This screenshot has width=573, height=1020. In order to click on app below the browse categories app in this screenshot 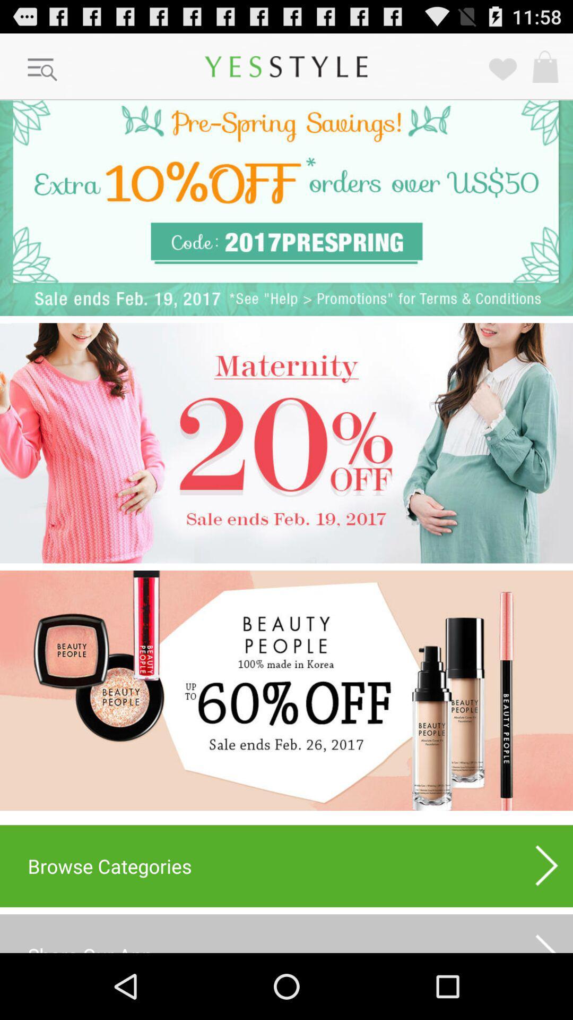, I will do `click(286, 933)`.